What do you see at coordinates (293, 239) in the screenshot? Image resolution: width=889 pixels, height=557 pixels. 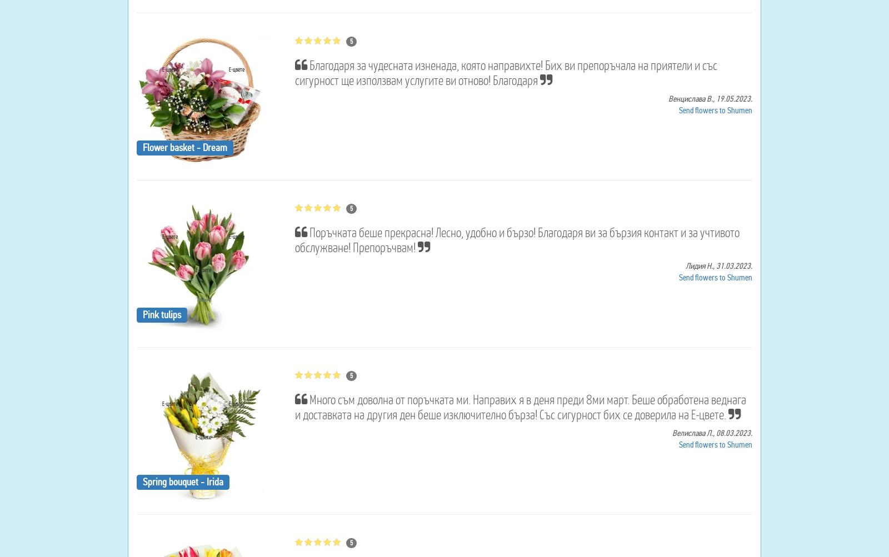 I see `'Поръчката беше прекрасна! Лесно, удобно и бързо! Благодаря ви за бързия контакт и за учтивото обслужване! Препоръчвам!'` at bounding box center [293, 239].